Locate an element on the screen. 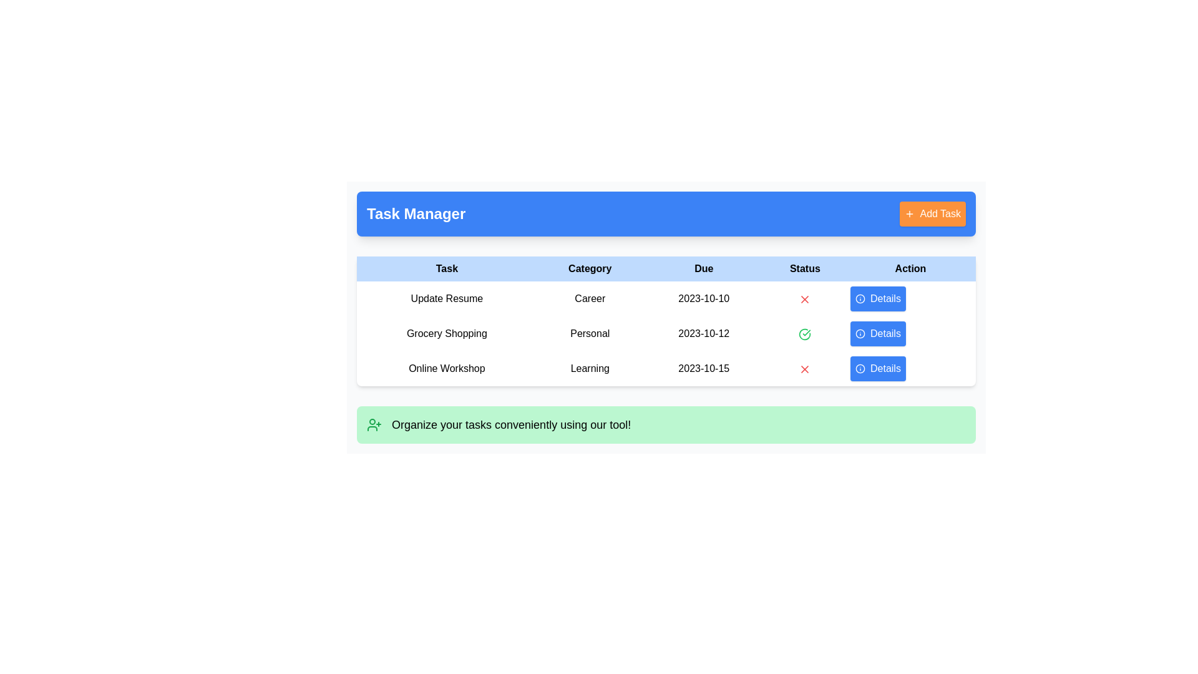 This screenshot has height=674, width=1198. the third 'Details' button with a blue background and white text in the 'Action' column associated with the 'Online Workshop' row is located at coordinates (877, 298).